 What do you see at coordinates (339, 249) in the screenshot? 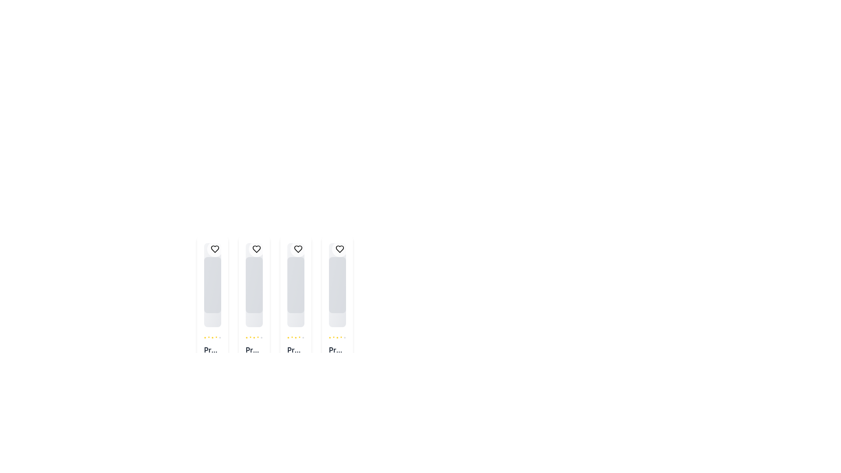
I see `the fourth heart icon in a row, which is outlined in black and represents a 'favorite' functionality` at bounding box center [339, 249].